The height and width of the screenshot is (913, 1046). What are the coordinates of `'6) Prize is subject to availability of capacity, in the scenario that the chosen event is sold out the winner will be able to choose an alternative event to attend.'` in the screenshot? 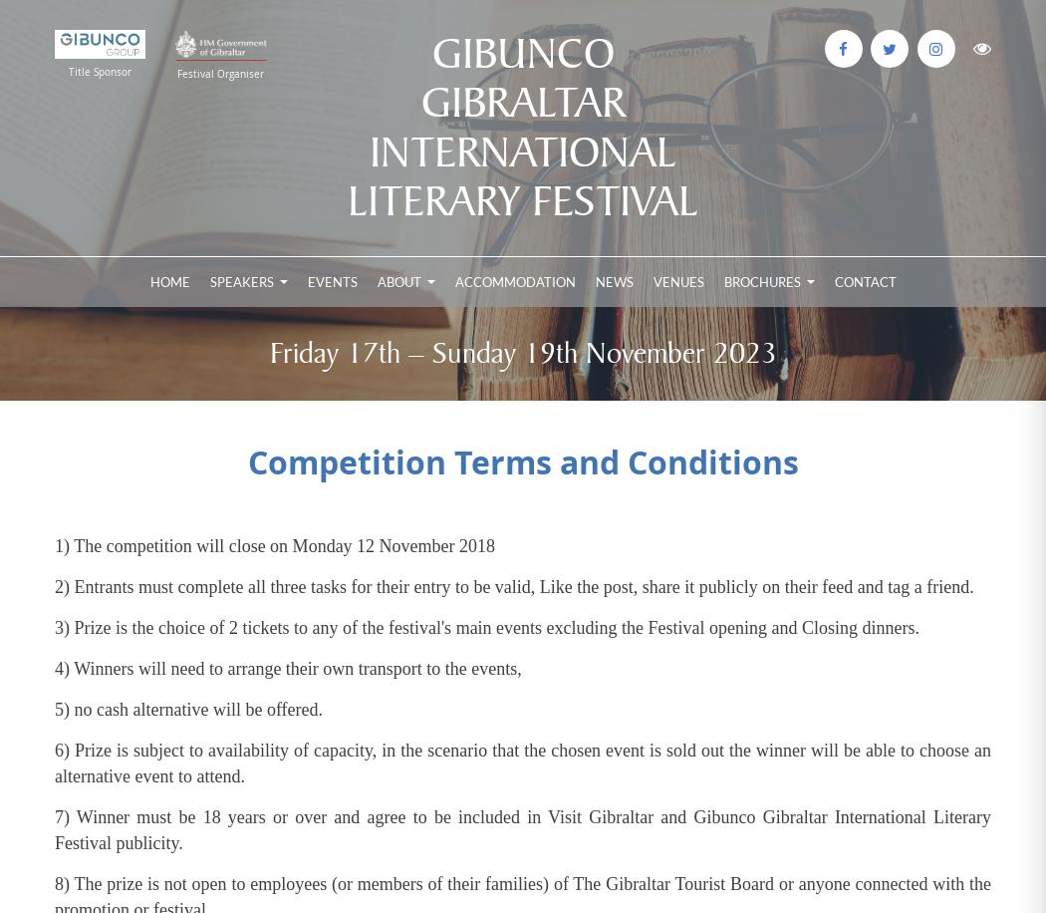 It's located at (523, 761).